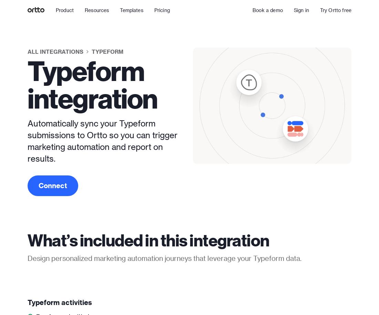 This screenshot has width=379, height=315. Describe the element at coordinates (52, 185) in the screenshot. I see `'Connect'` at that location.